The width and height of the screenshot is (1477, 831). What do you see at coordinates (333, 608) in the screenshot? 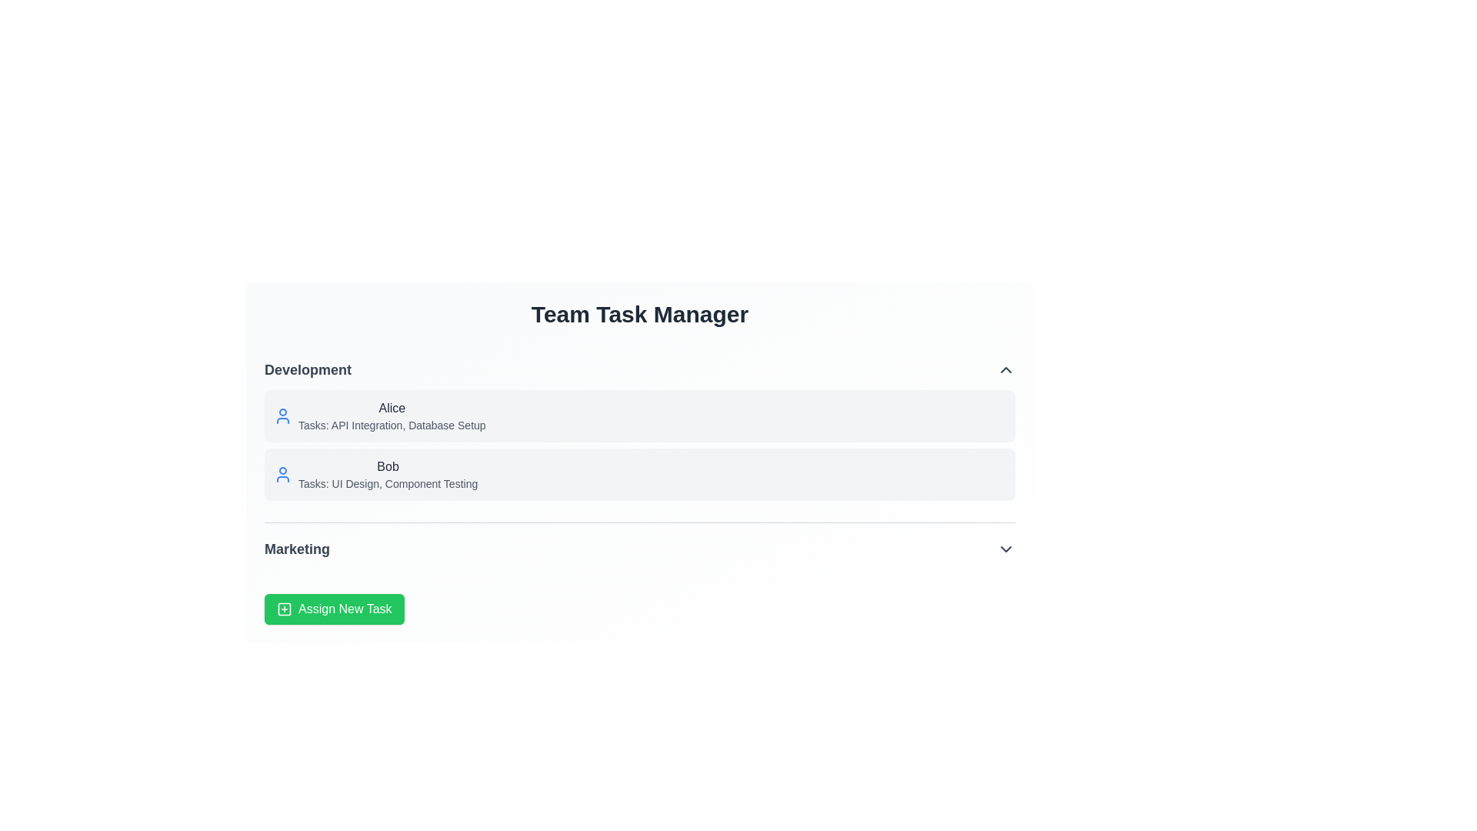
I see `the 'Assign New Task' button` at bounding box center [333, 608].